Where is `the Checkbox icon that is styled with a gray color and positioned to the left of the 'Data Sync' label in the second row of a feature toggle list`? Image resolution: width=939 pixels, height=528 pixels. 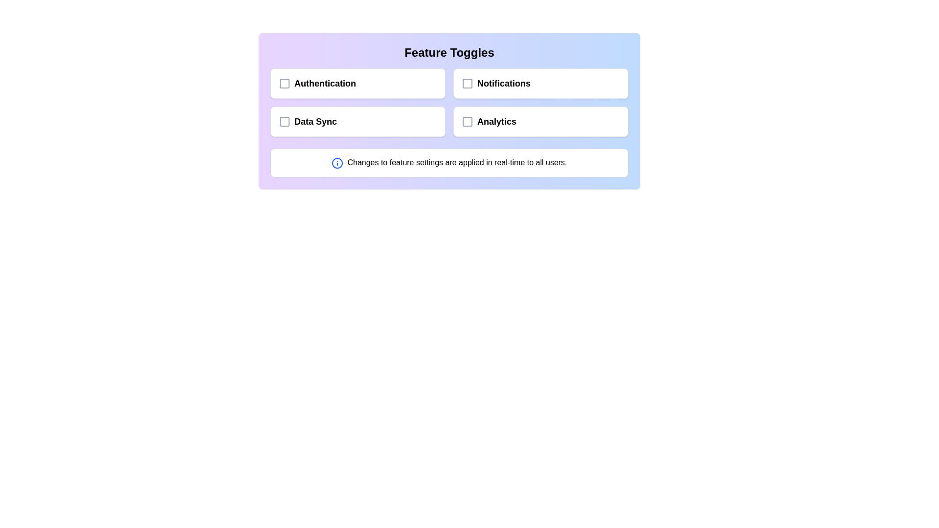
the Checkbox icon that is styled with a gray color and positioned to the left of the 'Data Sync' label in the second row of a feature toggle list is located at coordinates (284, 121).